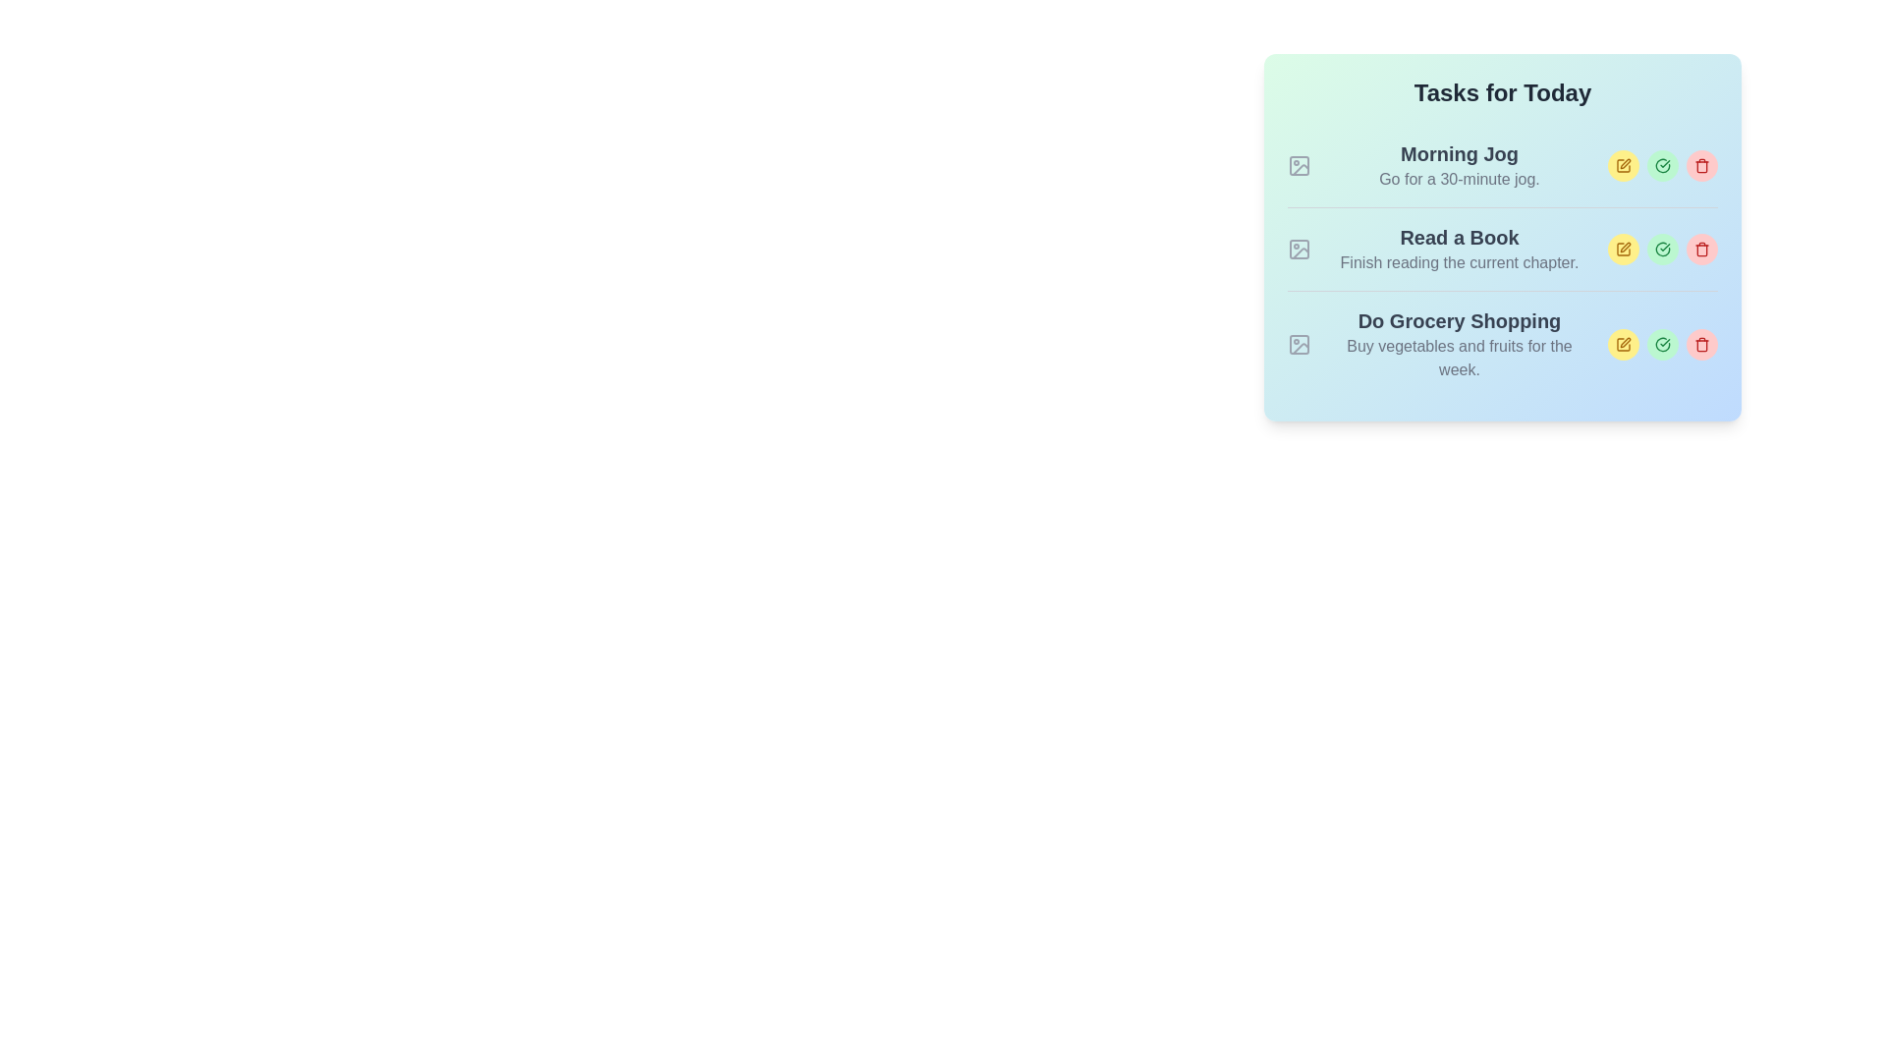 This screenshot has width=1886, height=1061. What do you see at coordinates (1623, 249) in the screenshot?
I see `the edit button icon (a pen within a yellow circular button) located on the right side of the 'Read a Book' task in the 'Tasks for Today' section` at bounding box center [1623, 249].